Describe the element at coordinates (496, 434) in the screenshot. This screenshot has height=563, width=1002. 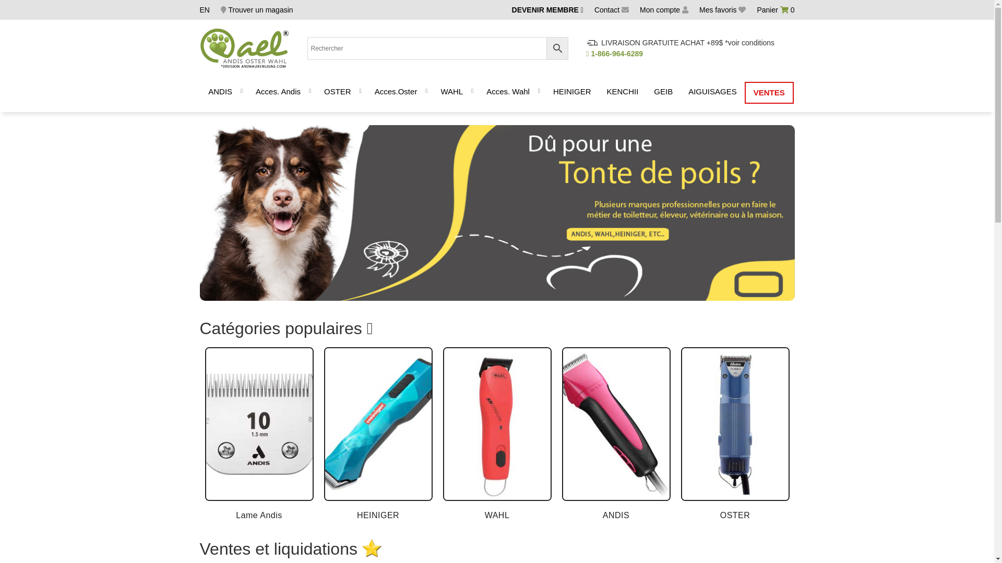
I see `'WAHL'` at that location.